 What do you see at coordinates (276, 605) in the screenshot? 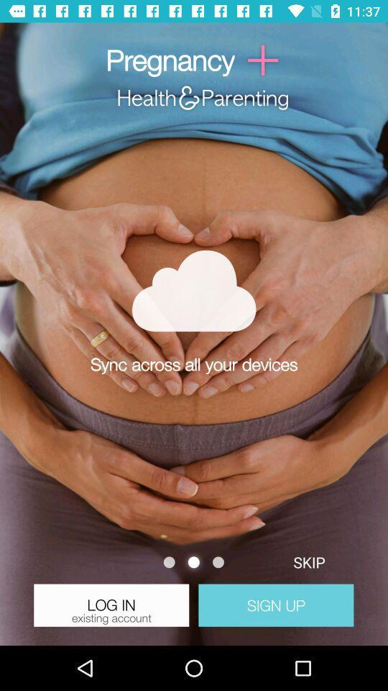
I see `sign up item` at bounding box center [276, 605].